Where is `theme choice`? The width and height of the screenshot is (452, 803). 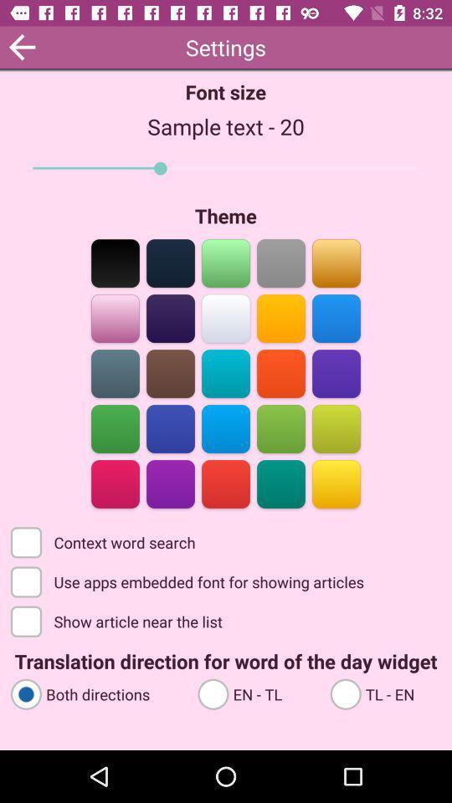
theme choice is located at coordinates (170, 372).